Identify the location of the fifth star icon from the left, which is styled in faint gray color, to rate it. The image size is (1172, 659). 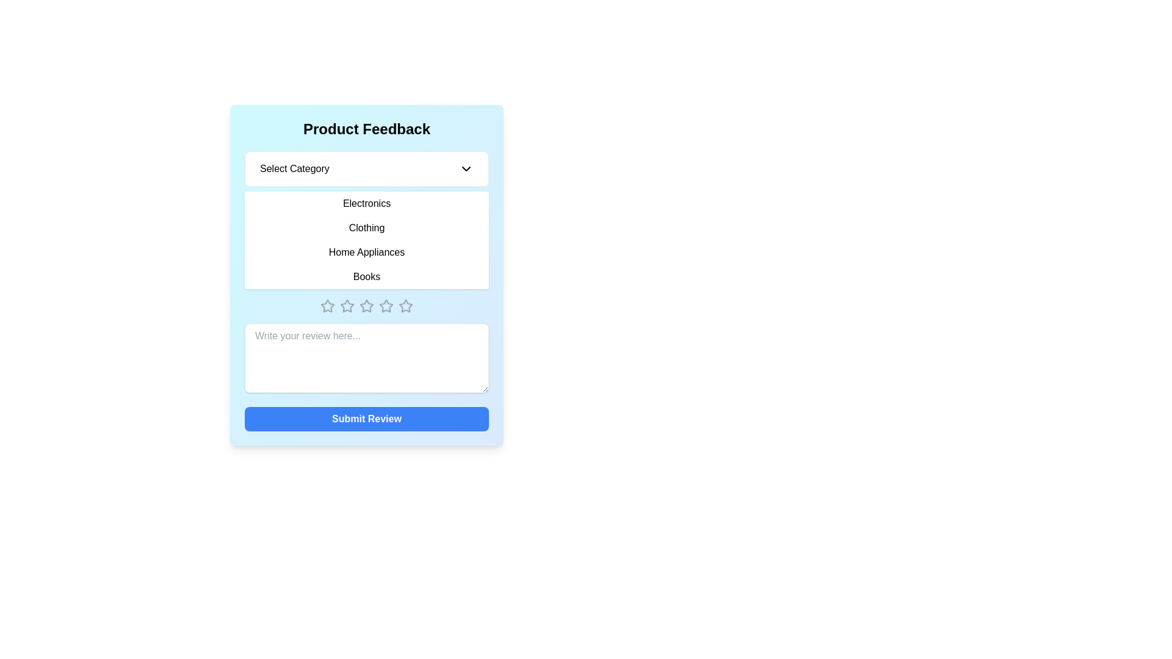
(406, 305).